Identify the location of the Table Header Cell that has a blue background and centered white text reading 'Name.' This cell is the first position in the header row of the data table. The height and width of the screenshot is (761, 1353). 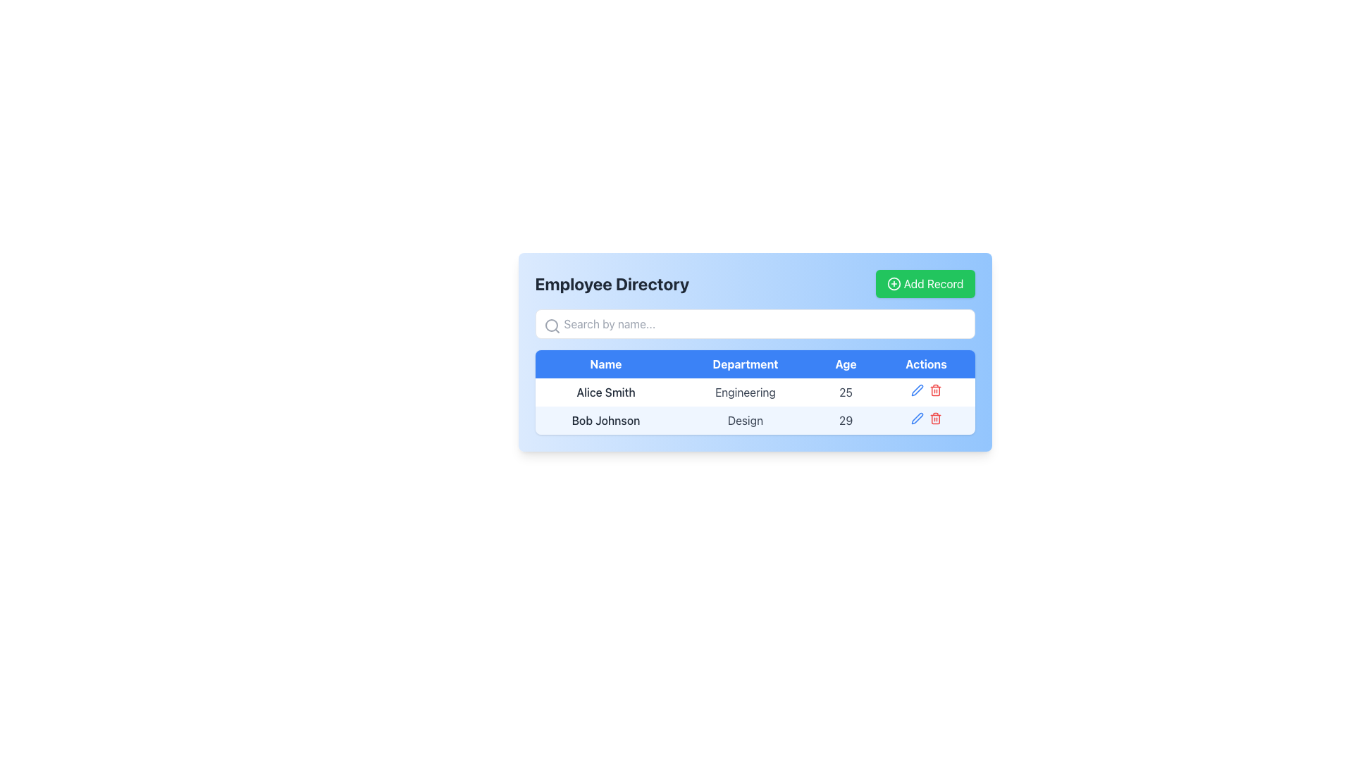
(605, 363).